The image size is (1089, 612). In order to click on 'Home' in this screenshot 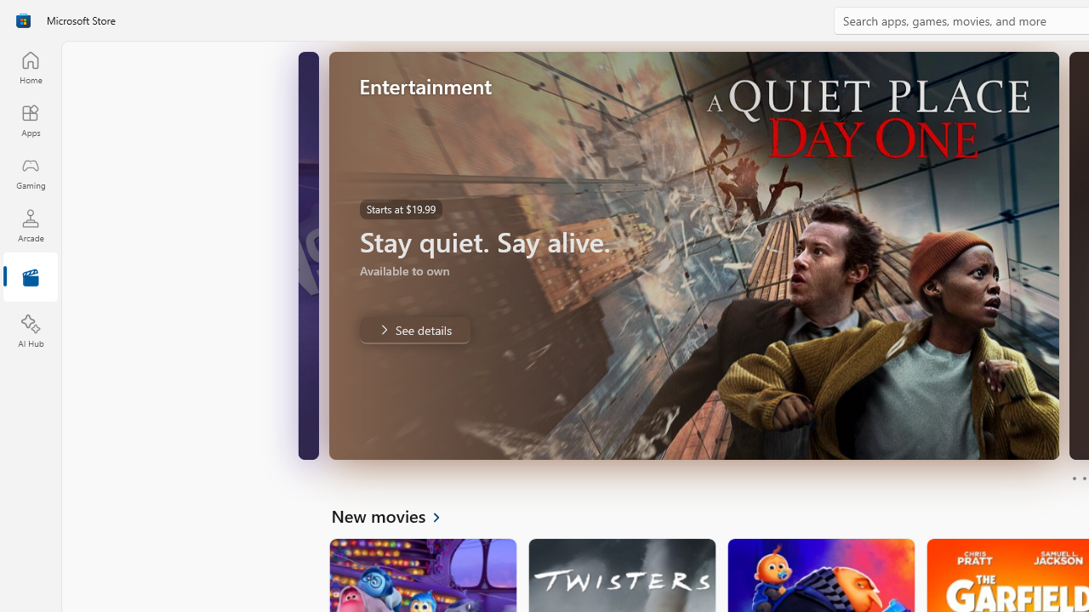, I will do `click(30, 66)`.